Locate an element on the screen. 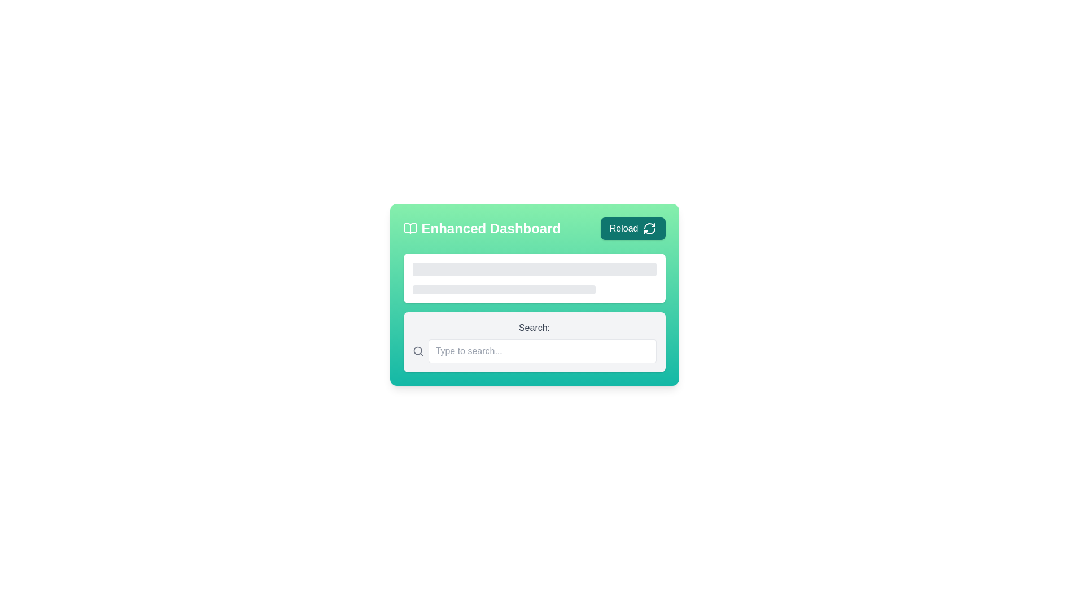  the 'Enhanced Dashboard' text label with an open book icon, which is styled with a bold font and white text, located in a green background section is located at coordinates (482, 229).